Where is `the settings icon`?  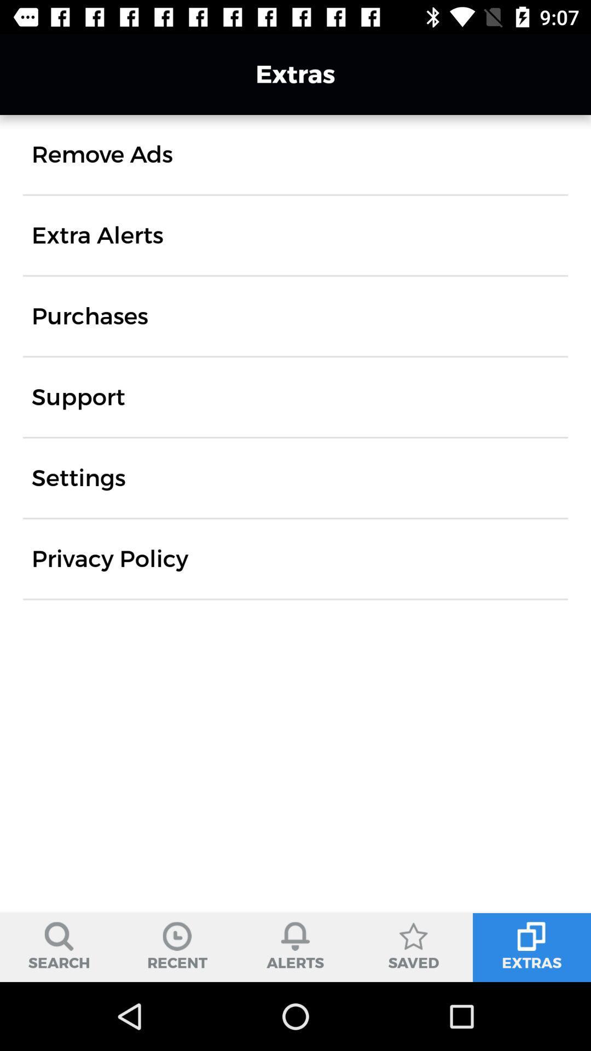 the settings icon is located at coordinates (78, 478).